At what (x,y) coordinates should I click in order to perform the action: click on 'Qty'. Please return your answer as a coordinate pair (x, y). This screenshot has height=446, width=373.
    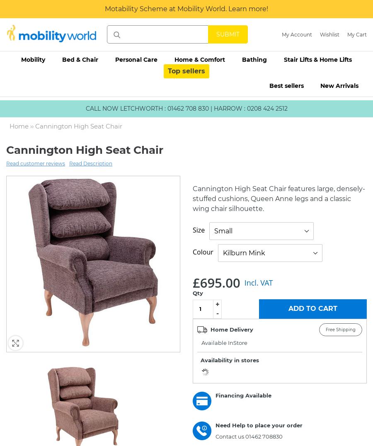
    Looking at the image, I should click on (197, 293).